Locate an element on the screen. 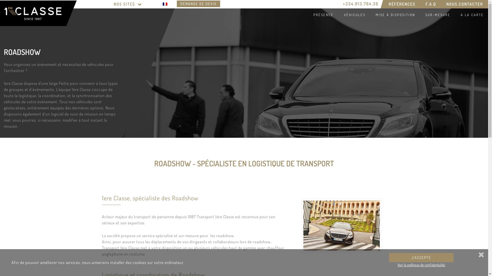 Image resolution: width=492 pixels, height=276 pixels. 'SUR-MESURE' is located at coordinates (437, 14).